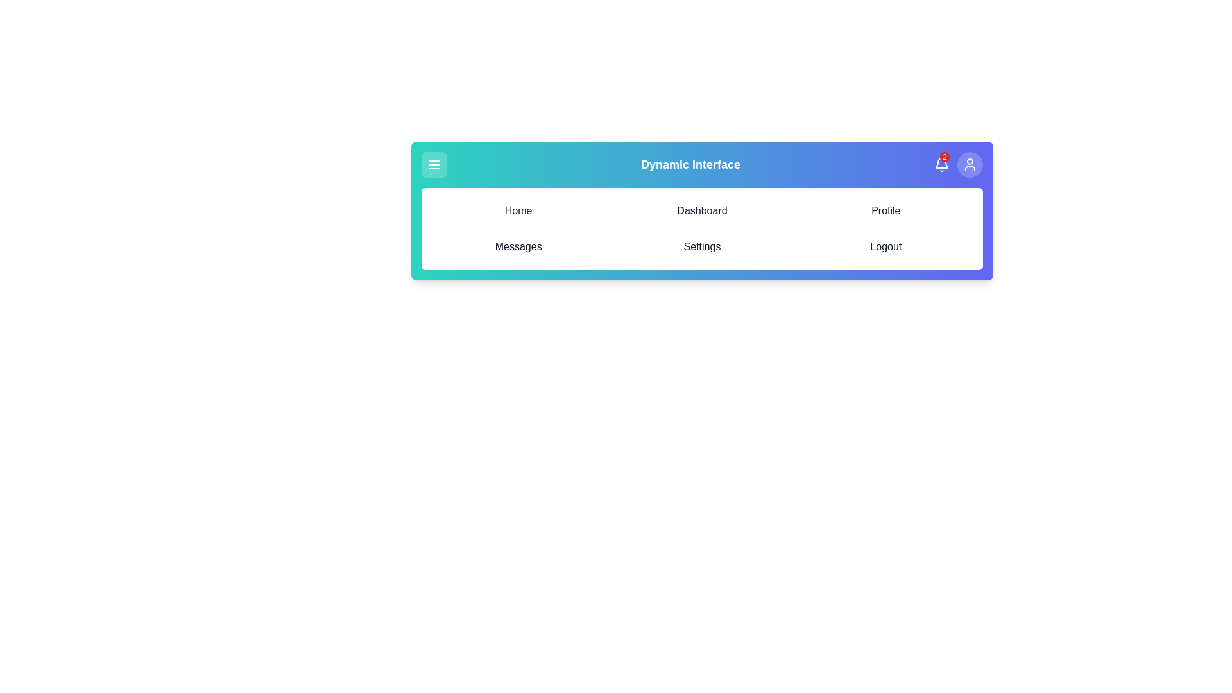  What do you see at coordinates (885, 210) in the screenshot?
I see `the navigation item Profile from the menu` at bounding box center [885, 210].